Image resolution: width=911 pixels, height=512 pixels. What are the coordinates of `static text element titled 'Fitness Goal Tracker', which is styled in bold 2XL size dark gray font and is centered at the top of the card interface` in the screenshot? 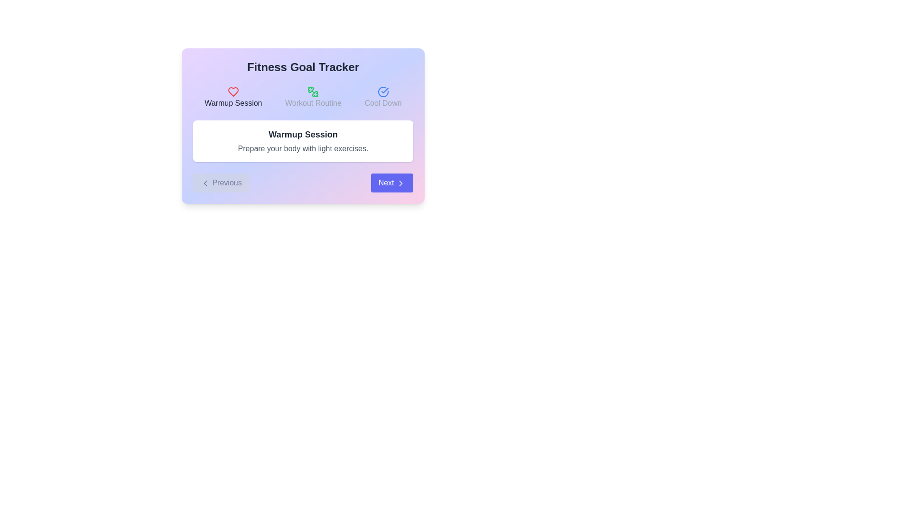 It's located at (302, 67).